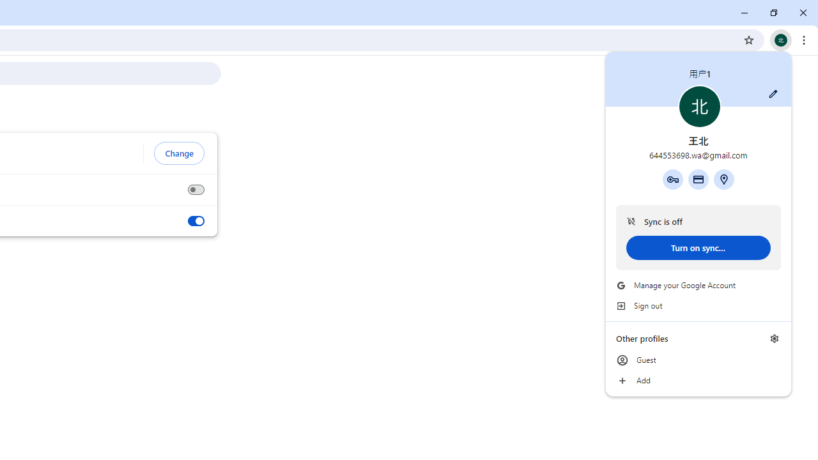  Describe the element at coordinates (697, 179) in the screenshot. I see `'Payment methods'` at that location.